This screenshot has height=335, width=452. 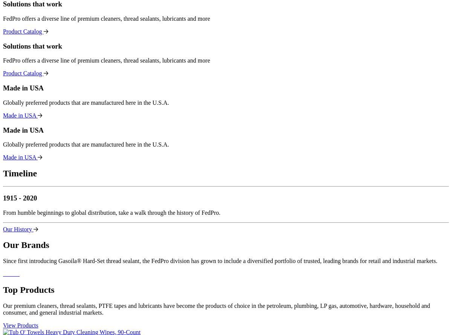 What do you see at coordinates (26, 245) in the screenshot?
I see `'Our Brands'` at bounding box center [26, 245].